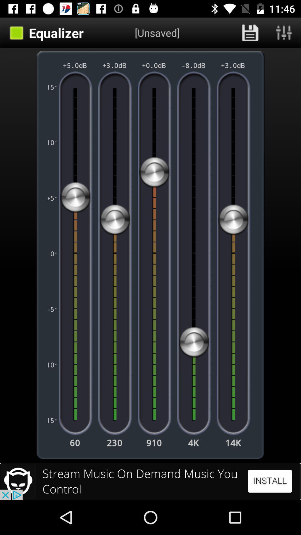 The height and width of the screenshot is (535, 301). What do you see at coordinates (284, 33) in the screenshot?
I see `the sliders icon` at bounding box center [284, 33].